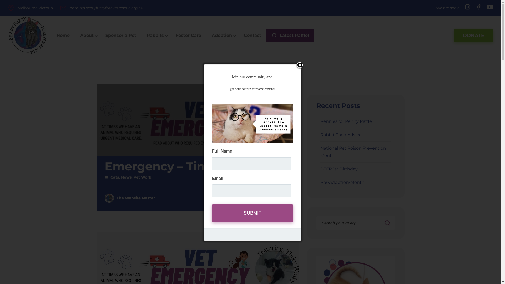 Image resolution: width=505 pixels, height=284 pixels. Describe the element at coordinates (87, 35) in the screenshot. I see `'About'` at that location.